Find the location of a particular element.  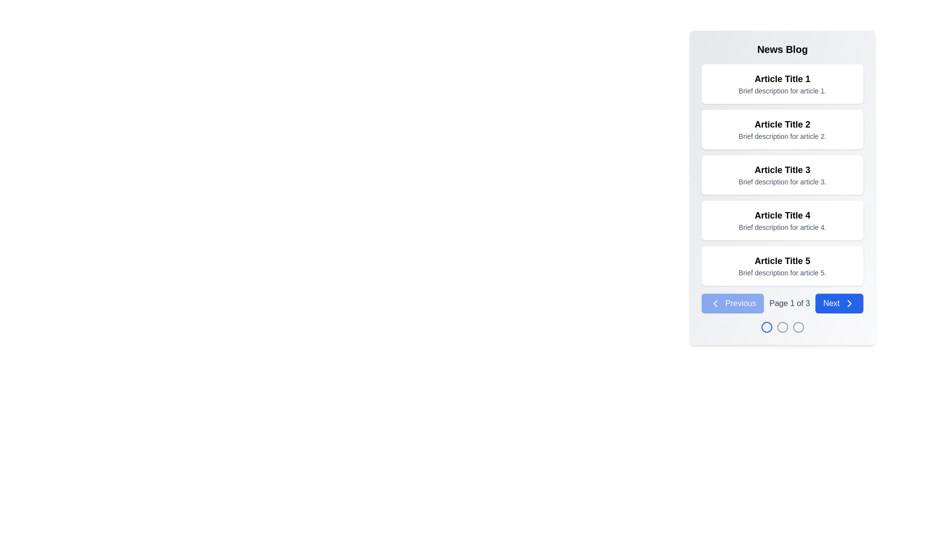

the Text Label displaying 'Brief description for article 1.' which is styled in gray and positioned underneath 'Article Title 1' is located at coordinates (782, 91).